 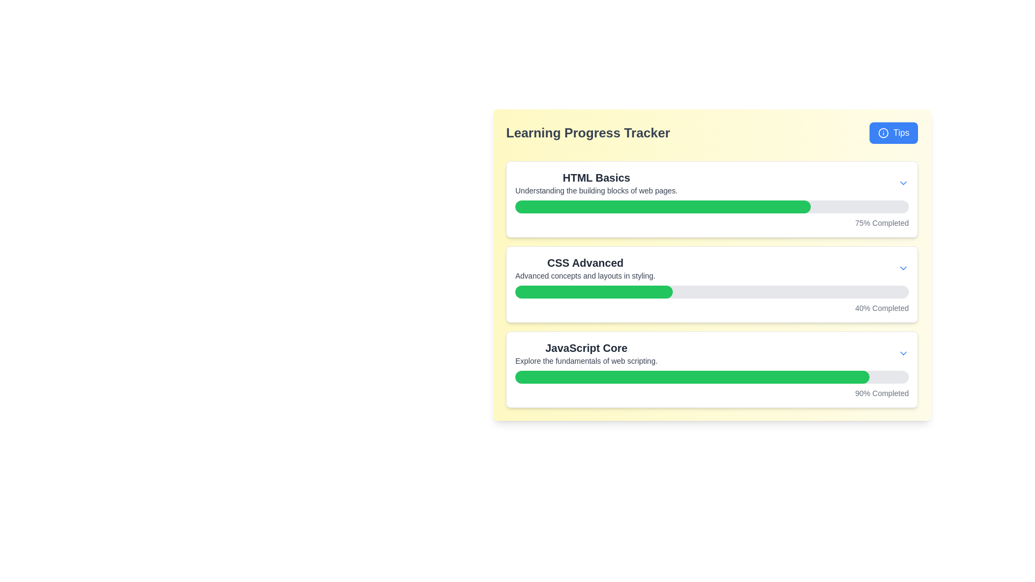 What do you see at coordinates (903, 267) in the screenshot?
I see `the downward-pointing blue chevron icon located at the end of the 'CSS Advanced Advanced concepts and layouts in styling.' section to check for any appearance changes` at bounding box center [903, 267].